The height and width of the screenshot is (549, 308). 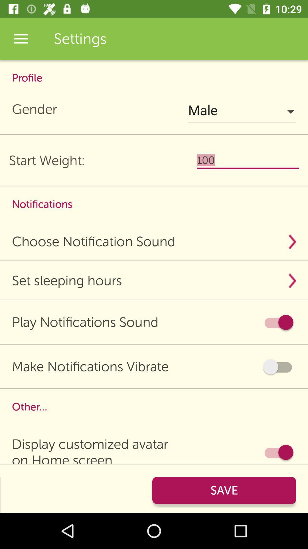 What do you see at coordinates (248, 160) in the screenshot?
I see `the 100 icon` at bounding box center [248, 160].